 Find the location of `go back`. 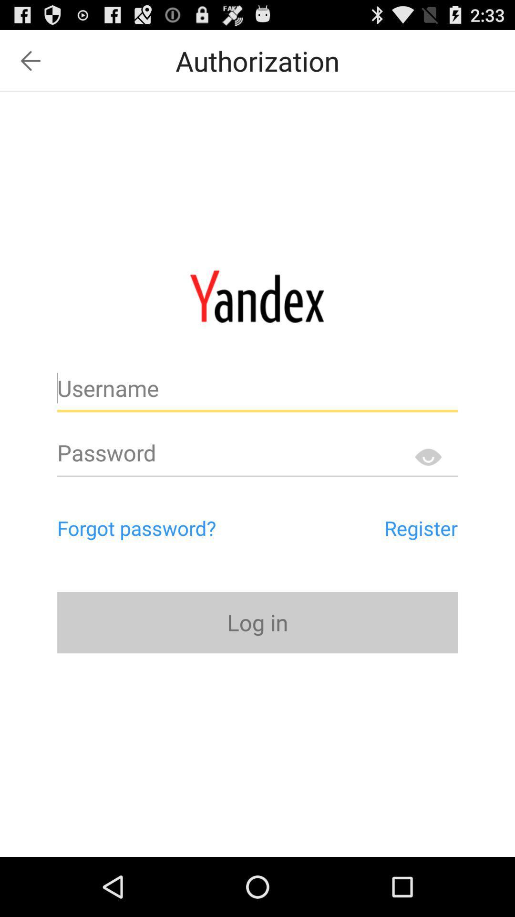

go back is located at coordinates (30, 60).